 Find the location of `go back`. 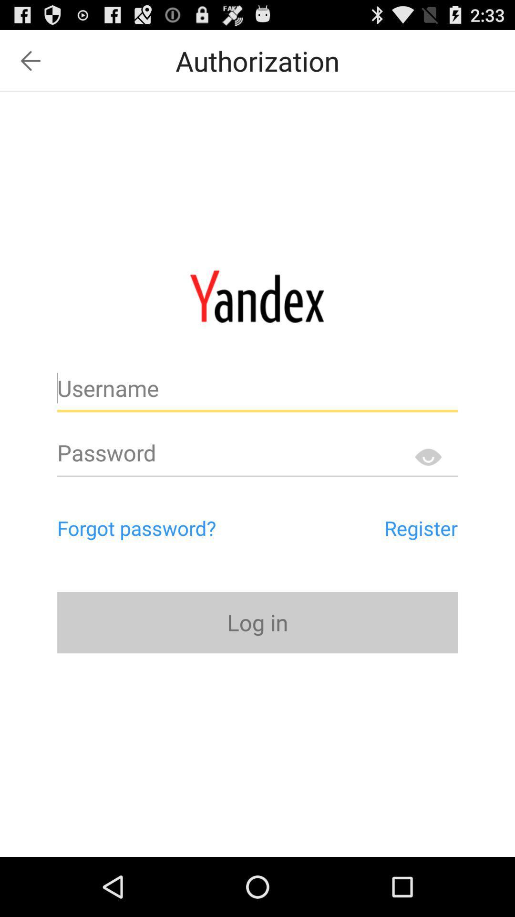

go back is located at coordinates (30, 60).